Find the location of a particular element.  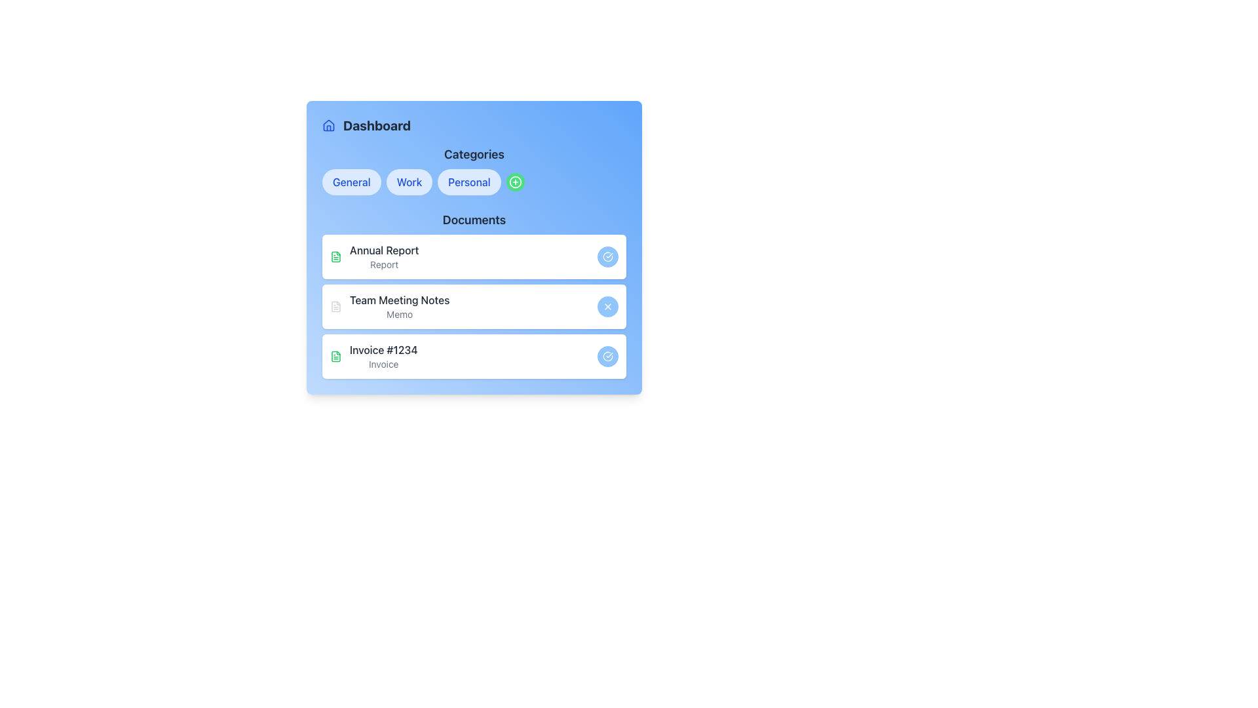

the SVG graphical icon representing 'Invoice #1234 - Invoice' in the third row of the 'Documents' section is located at coordinates (336, 257).